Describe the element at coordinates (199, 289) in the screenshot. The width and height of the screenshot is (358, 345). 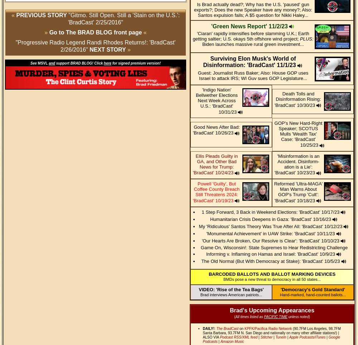
I see `'VIDEO: 'Rise of the Tea Bags''` at that location.